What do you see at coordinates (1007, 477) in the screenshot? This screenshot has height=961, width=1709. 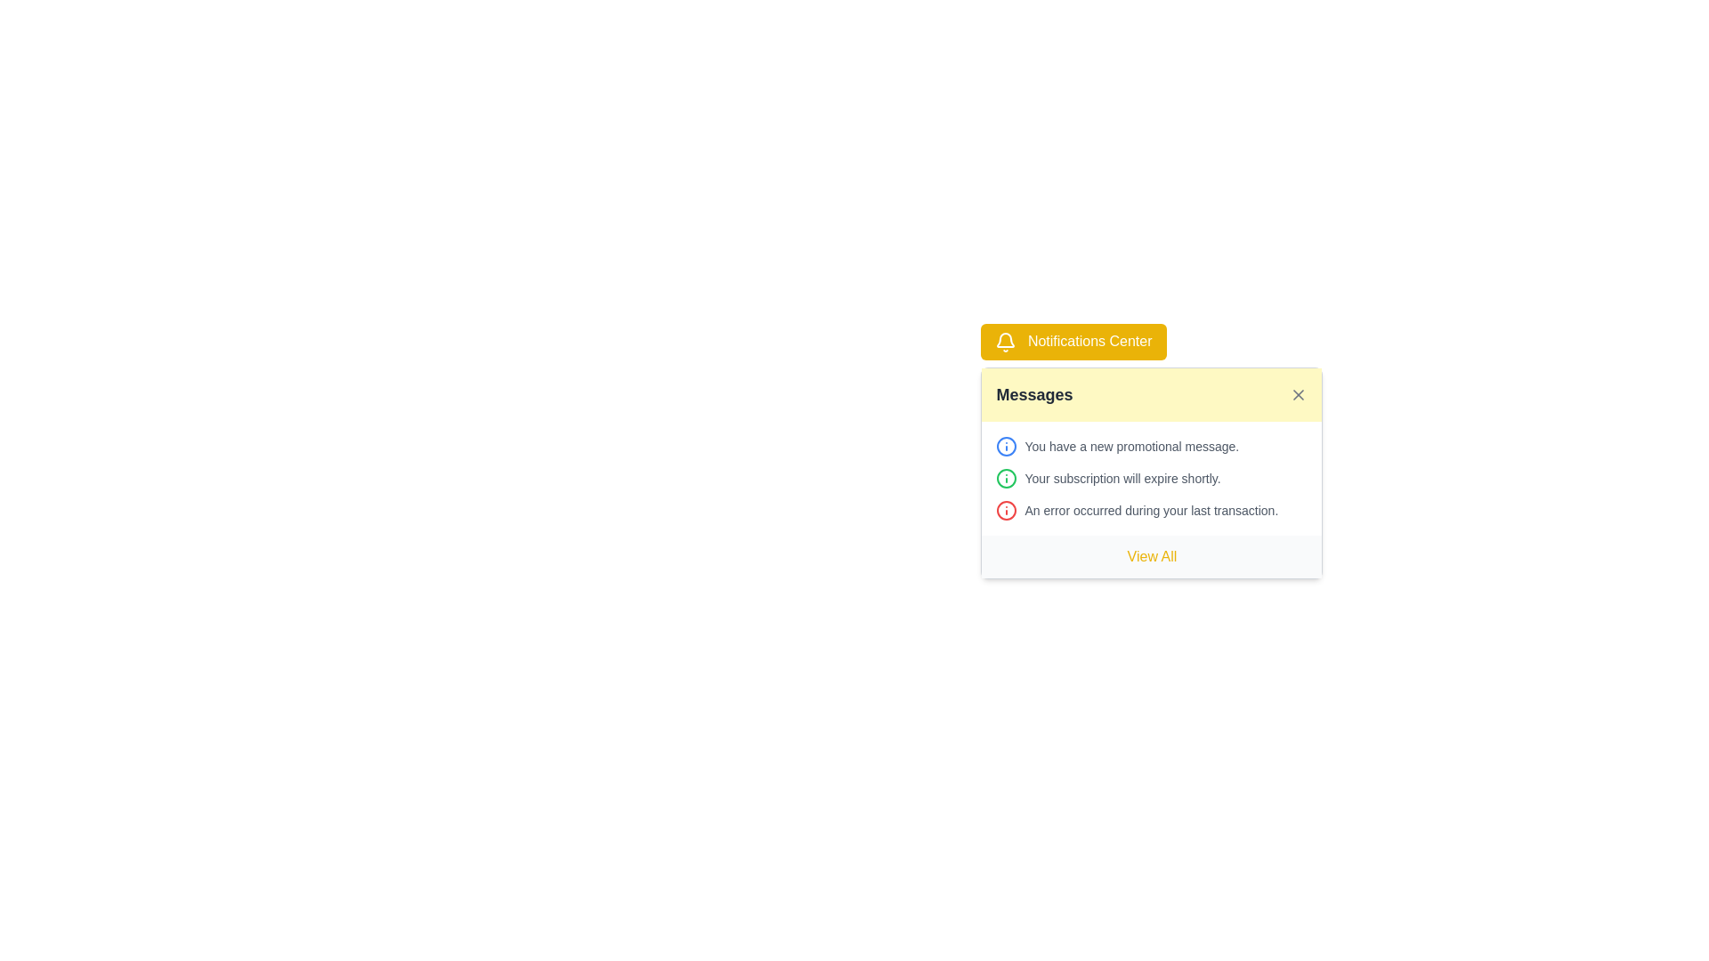 I see `the circular graphic element, which is styled with a green color and located within an information icon at the top-left of the notification messages area` at bounding box center [1007, 477].